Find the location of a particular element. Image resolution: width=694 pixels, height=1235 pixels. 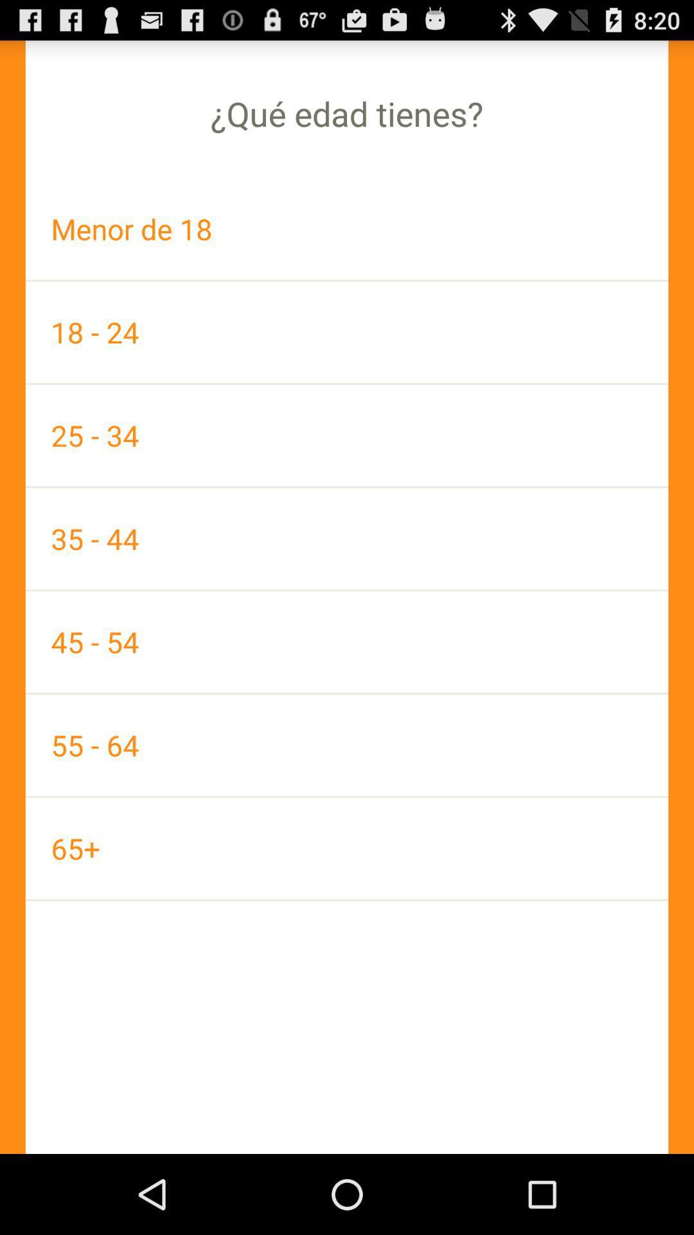

the 65+ app is located at coordinates (347, 848).